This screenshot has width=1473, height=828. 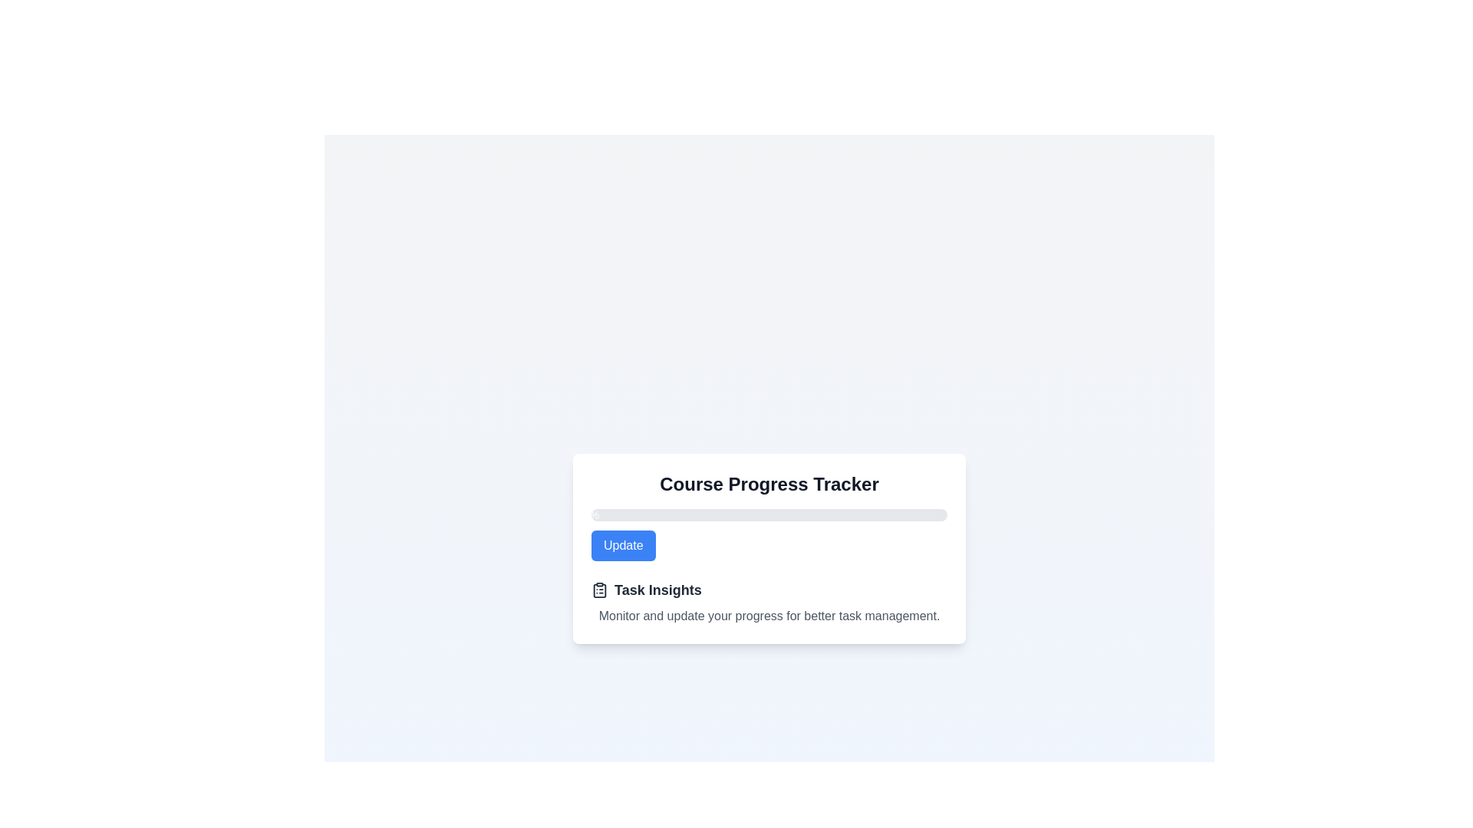 I want to click on the clipboard icon that visually represents task or note-related functionalities, located next to the text 'Task Insights' and below the 'Update' button in the main card interface, so click(x=599, y=590).